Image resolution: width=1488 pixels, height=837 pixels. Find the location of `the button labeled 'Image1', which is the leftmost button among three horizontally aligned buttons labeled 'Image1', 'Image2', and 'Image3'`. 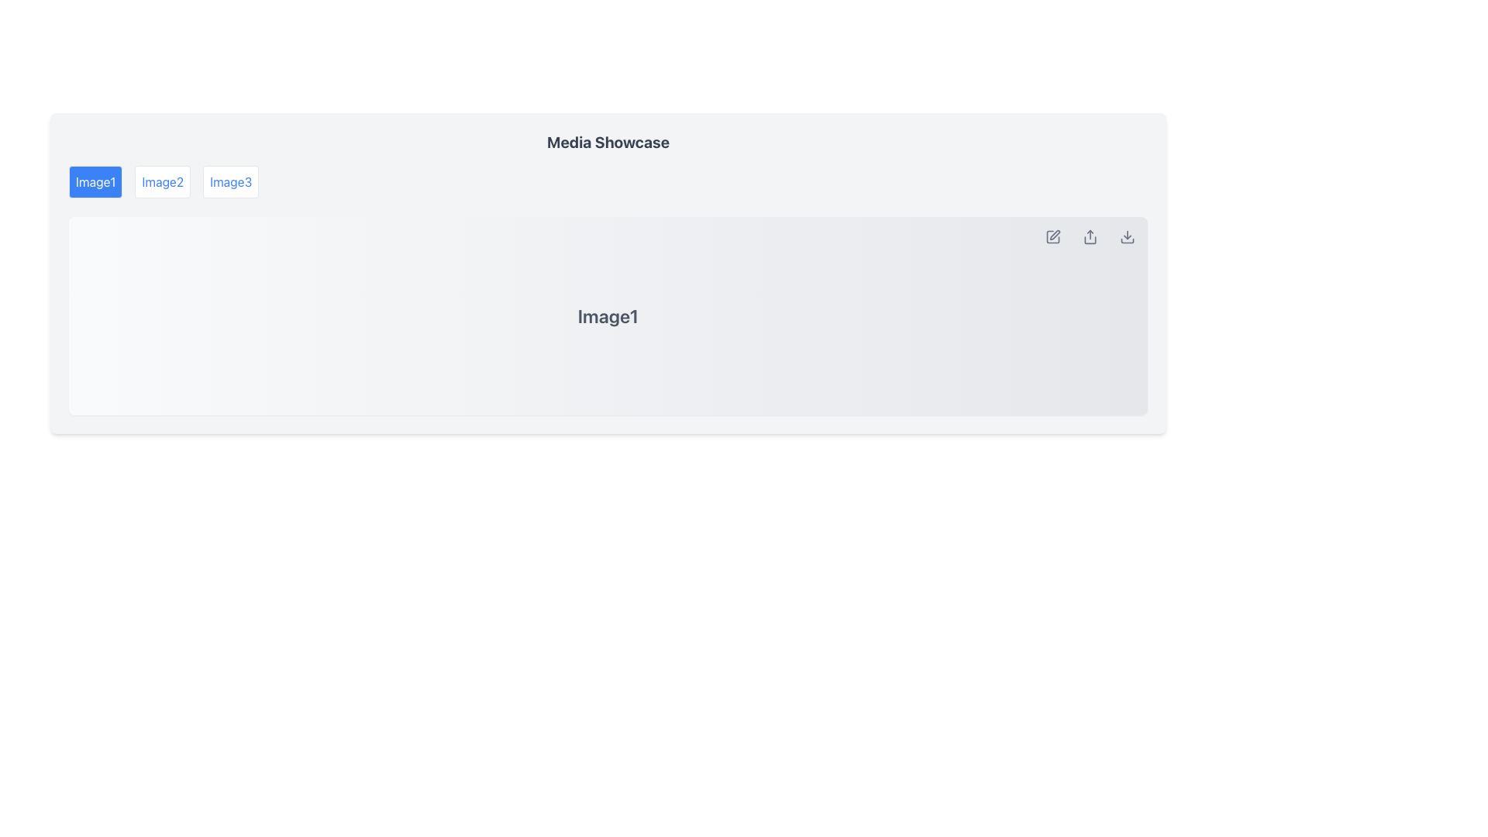

the button labeled 'Image1', which is the leftmost button among three horizontally aligned buttons labeled 'Image1', 'Image2', and 'Image3' is located at coordinates (95, 181).